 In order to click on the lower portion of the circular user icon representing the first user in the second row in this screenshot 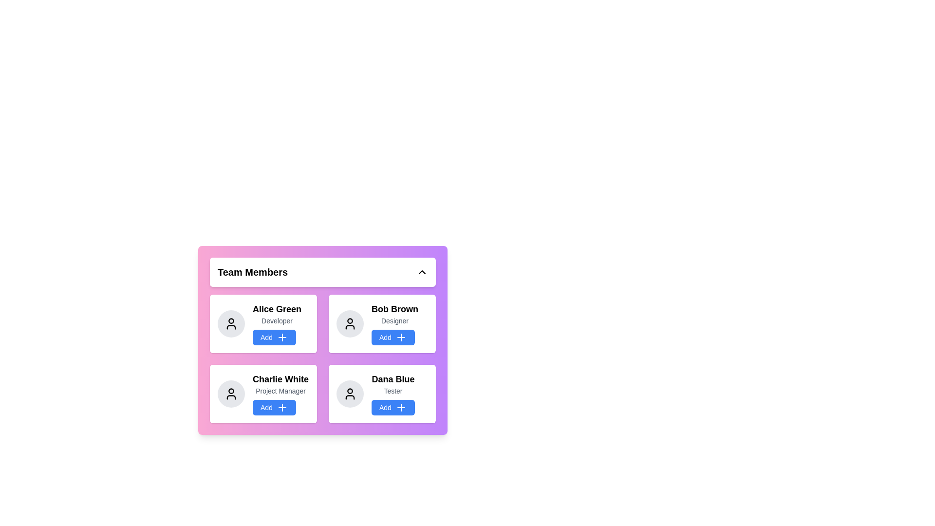, I will do `click(231, 397)`.